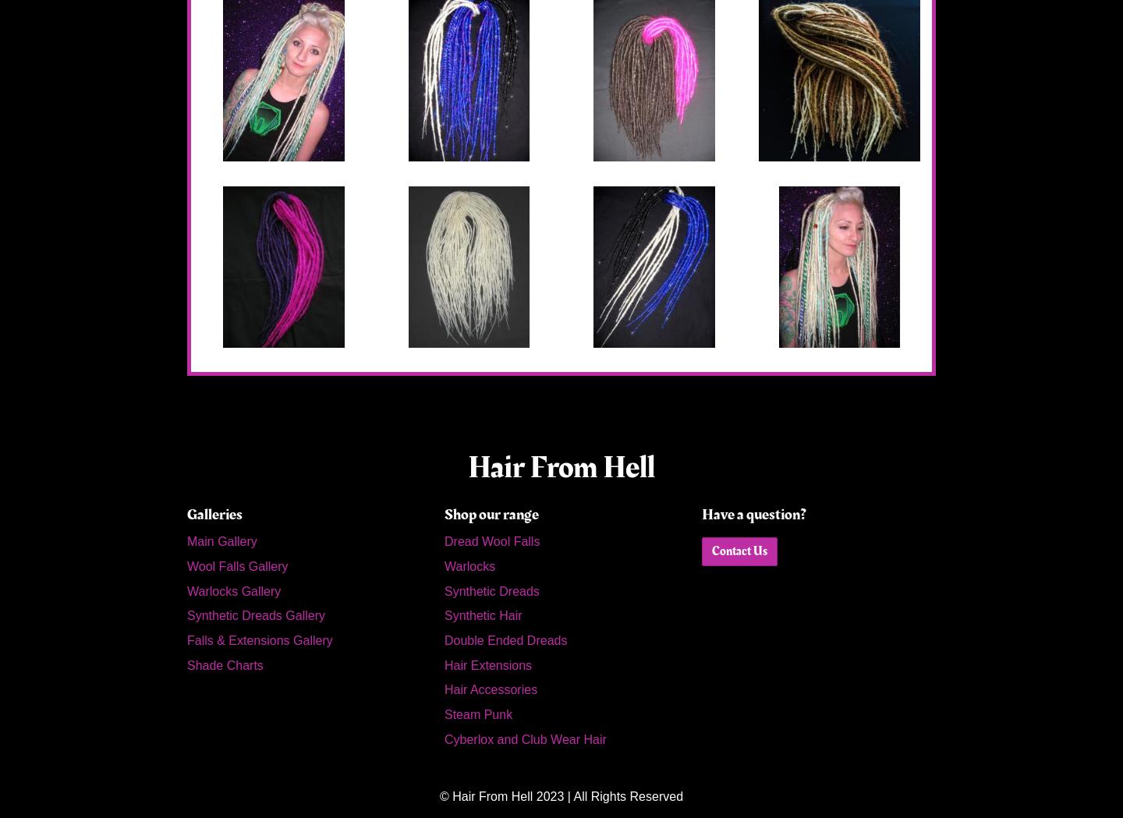 This screenshot has width=1123, height=818. What do you see at coordinates (491, 590) in the screenshot?
I see `'Synthetic Dreads'` at bounding box center [491, 590].